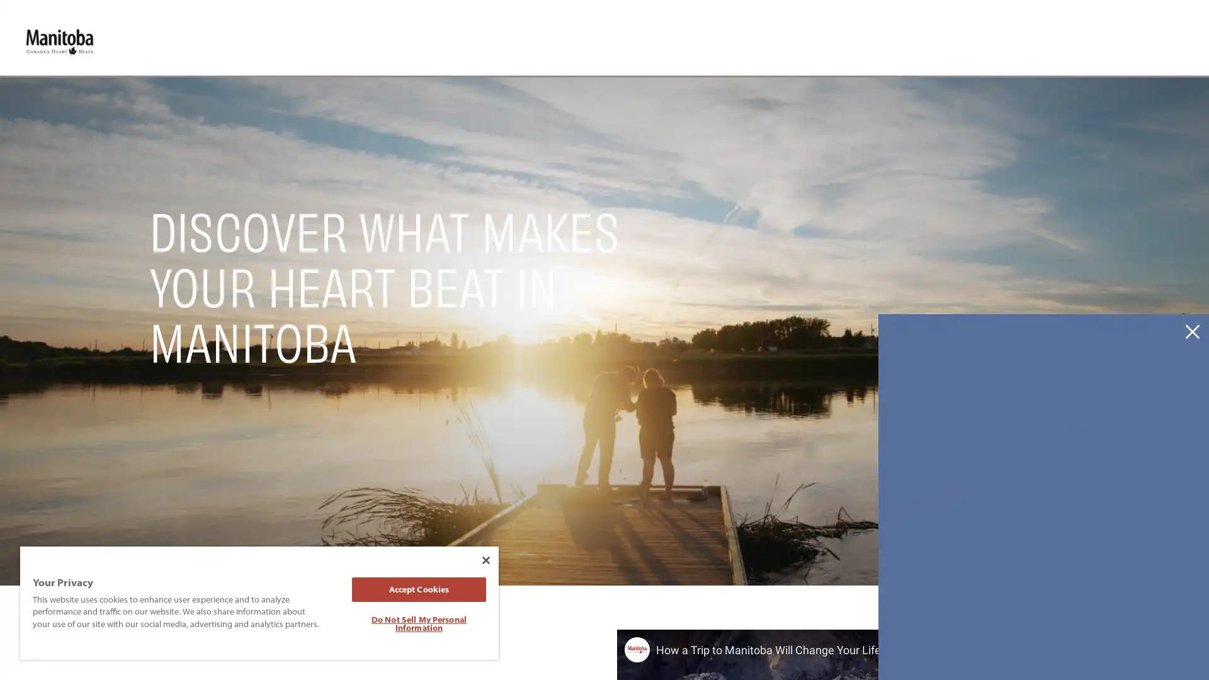 The height and width of the screenshot is (680, 1209). What do you see at coordinates (418, 589) in the screenshot?
I see `Accept Cookies` at bounding box center [418, 589].